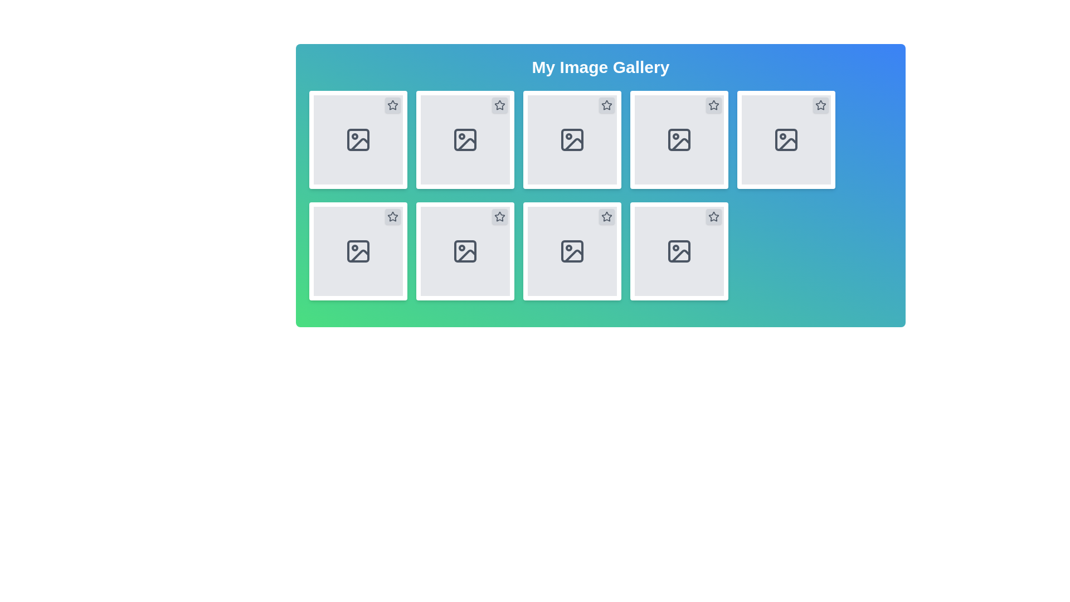 This screenshot has height=602, width=1070. I want to click on the image thumbnail located as the fourth item in the first row of a gallery grid, so click(679, 139).